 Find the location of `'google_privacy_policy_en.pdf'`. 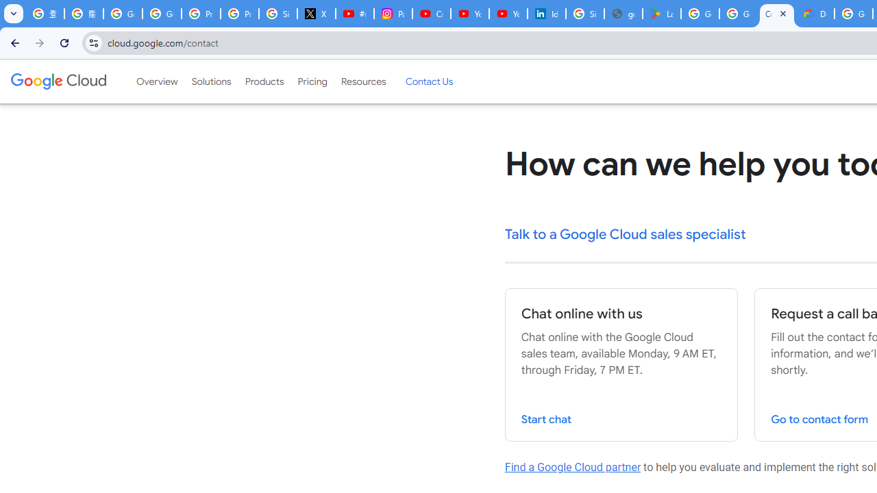

'google_privacy_policy_en.pdf' is located at coordinates (623, 14).